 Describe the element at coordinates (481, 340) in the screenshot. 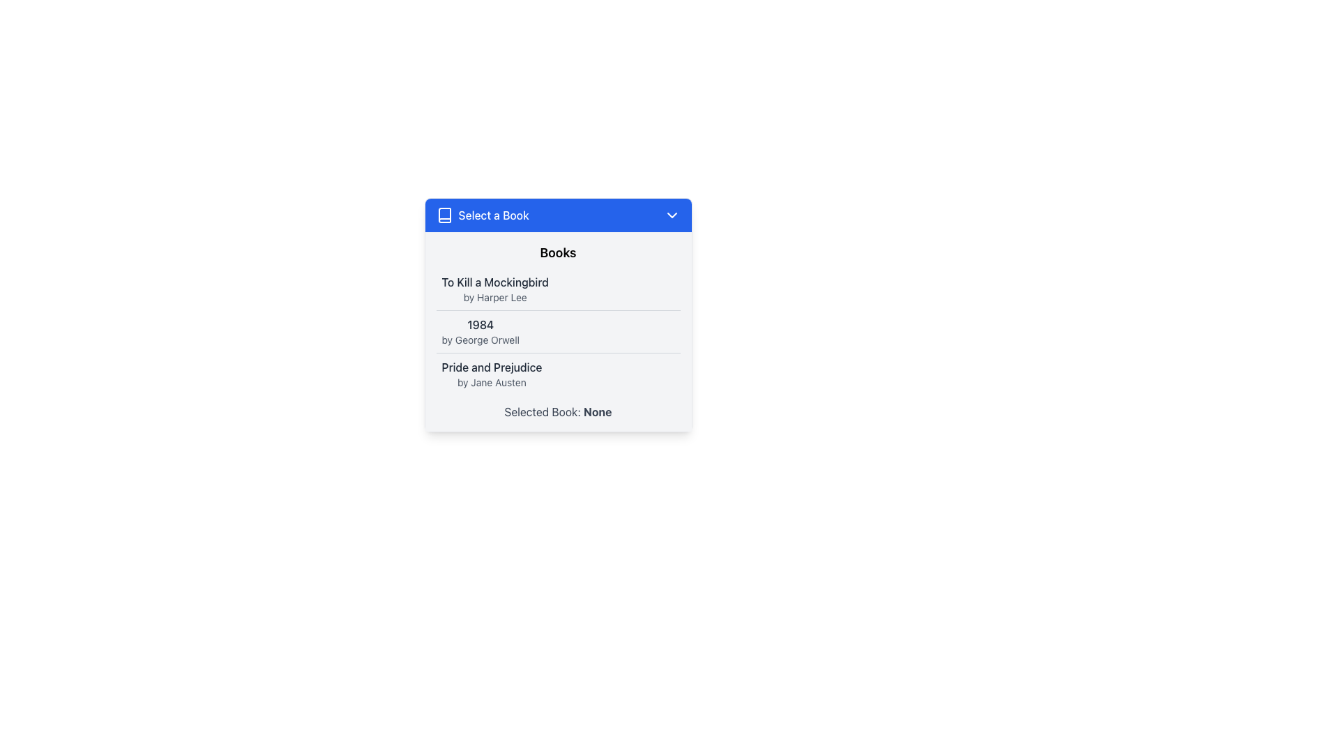

I see `the text label displaying 'by George Orwell', which is a small gray text located under the title '1984' in the book selection menu` at that location.